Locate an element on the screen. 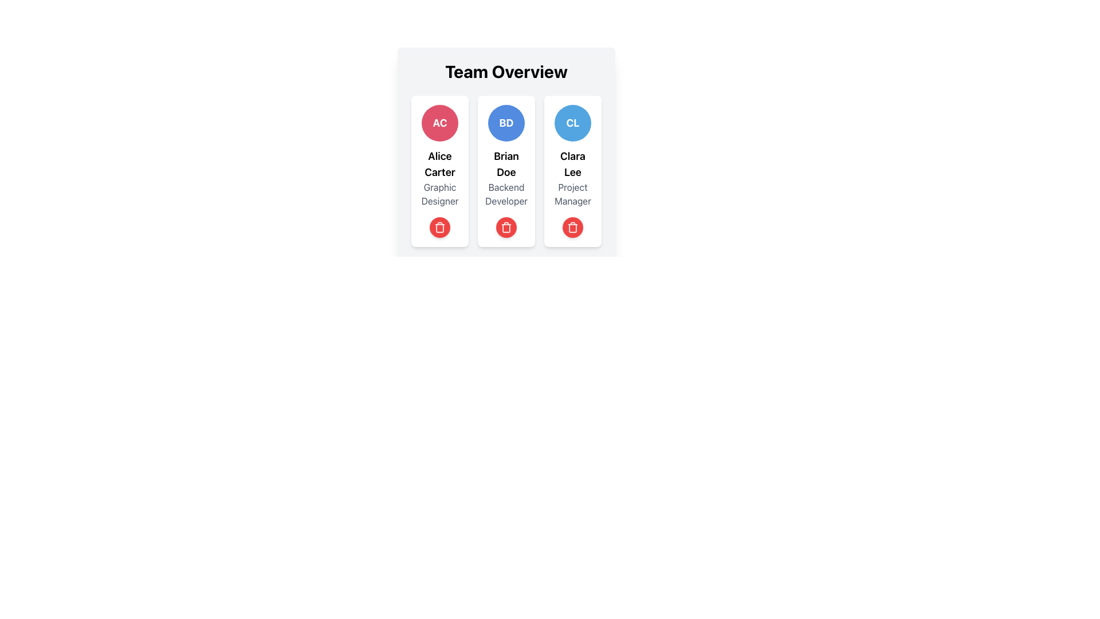 Image resolution: width=1100 pixels, height=619 pixels. the job title label for 'Alice Carter' located in the leftmost card of the three-card layout, positioned below the name and above the delete icon is located at coordinates (439, 194).